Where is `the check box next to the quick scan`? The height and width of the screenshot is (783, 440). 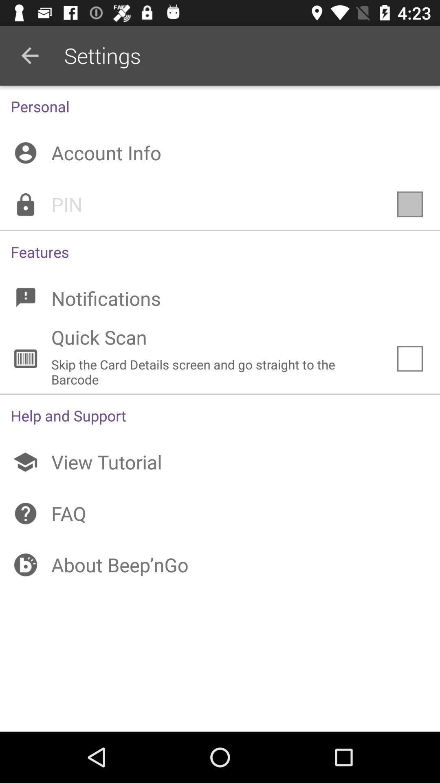
the check box next to the quick scan is located at coordinates (410, 358).